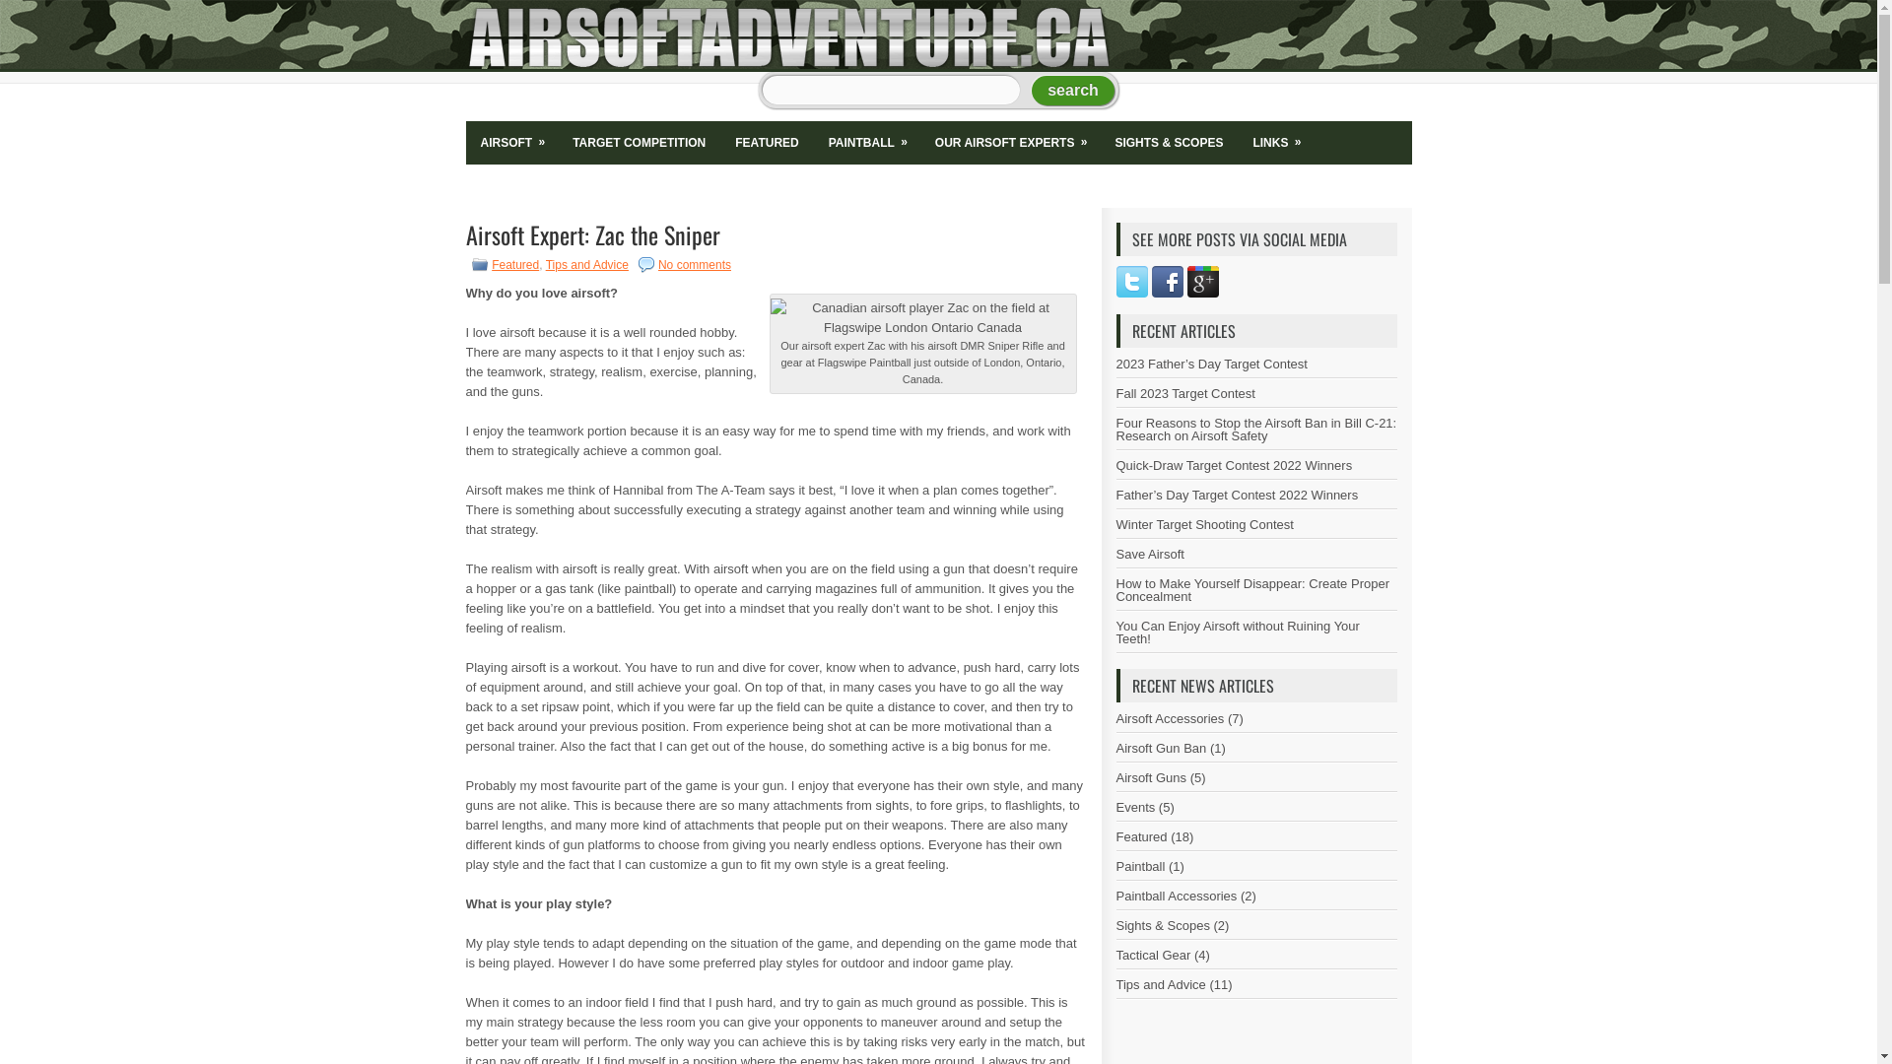 Image resolution: width=1892 pixels, height=1064 pixels. What do you see at coordinates (1162, 925) in the screenshot?
I see `'Sights & Scopes'` at bounding box center [1162, 925].